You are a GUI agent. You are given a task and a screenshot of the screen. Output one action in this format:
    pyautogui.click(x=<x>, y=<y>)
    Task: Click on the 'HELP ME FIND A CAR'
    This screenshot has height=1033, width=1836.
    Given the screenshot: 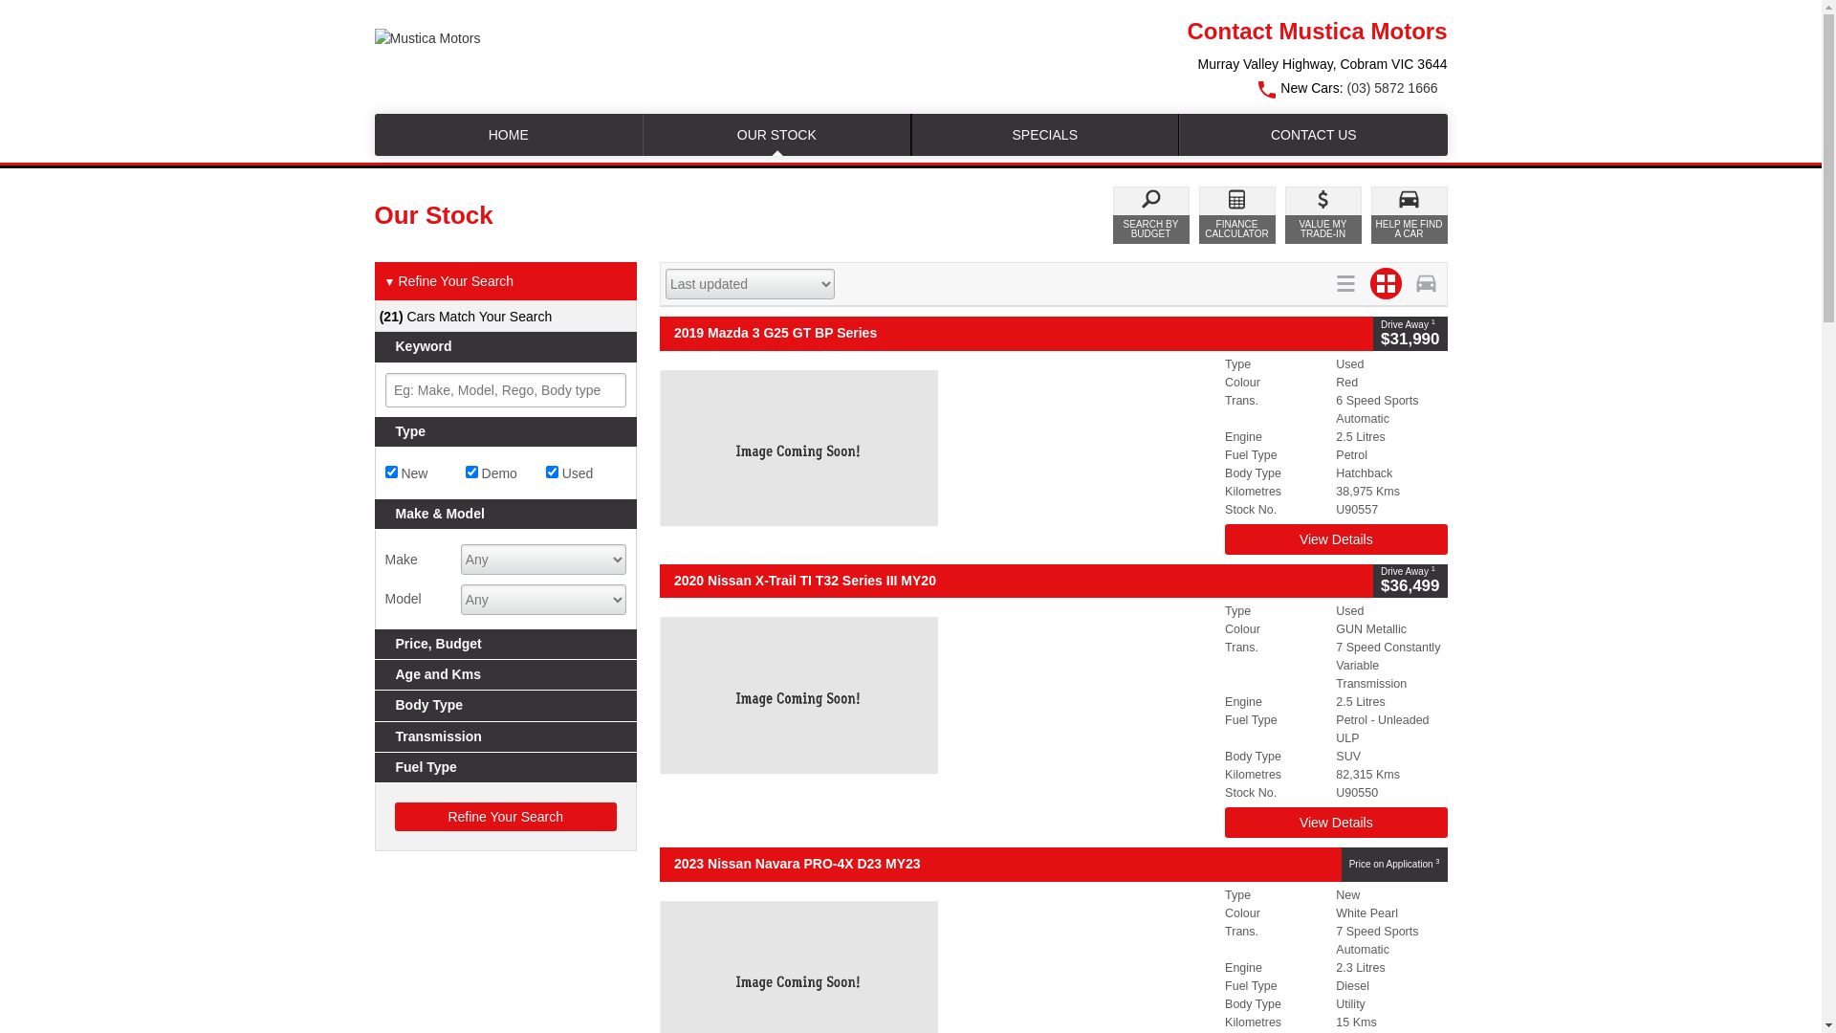 What is the action you would take?
    pyautogui.click(x=1409, y=214)
    